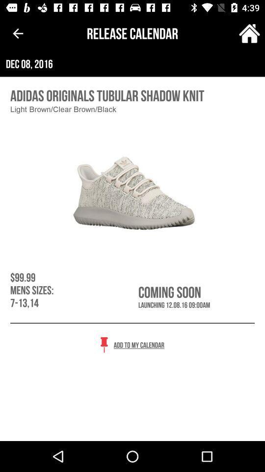  Describe the element at coordinates (249, 33) in the screenshot. I see `the icon above dec 08, 2016 item` at that location.